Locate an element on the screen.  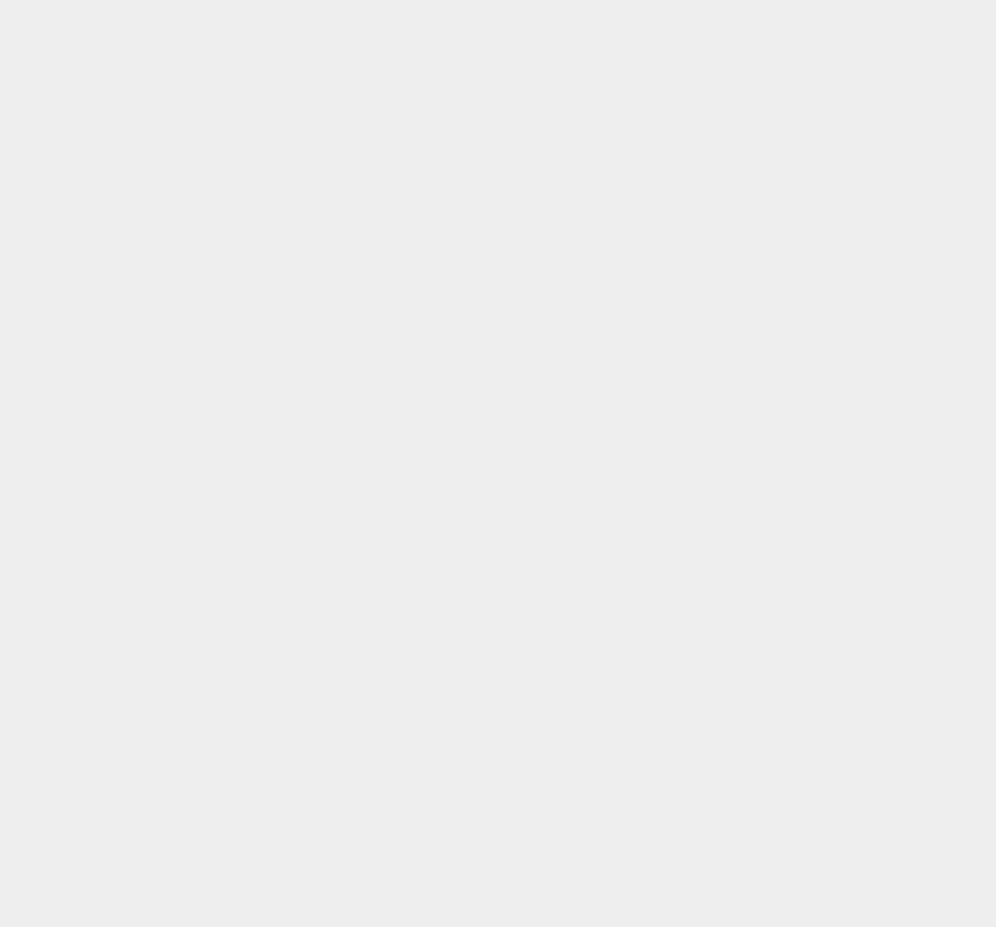
'Windows 7' is located at coordinates (732, 559).